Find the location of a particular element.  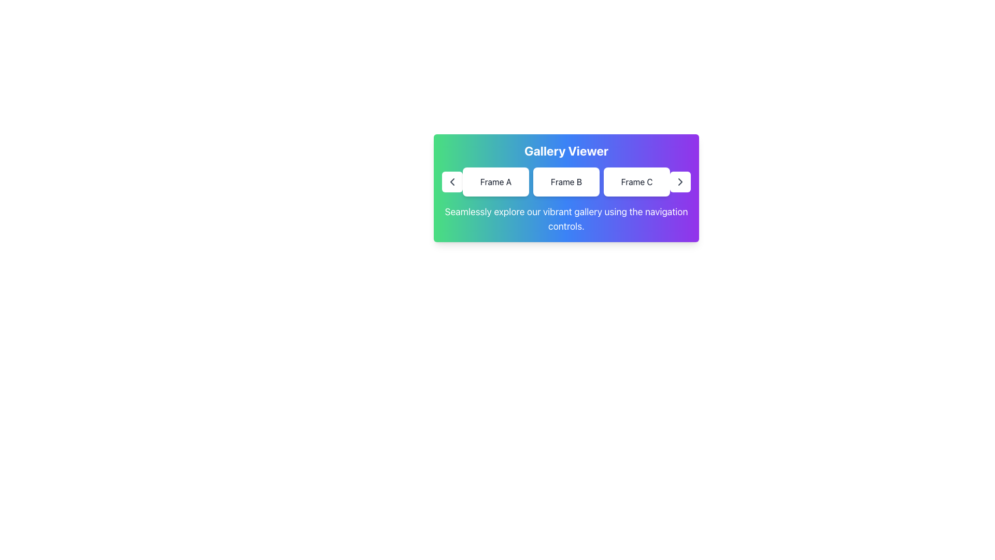

the navigation button located in the 'Gallery Viewer' interface to proceed to the next frame is located at coordinates (680, 181).